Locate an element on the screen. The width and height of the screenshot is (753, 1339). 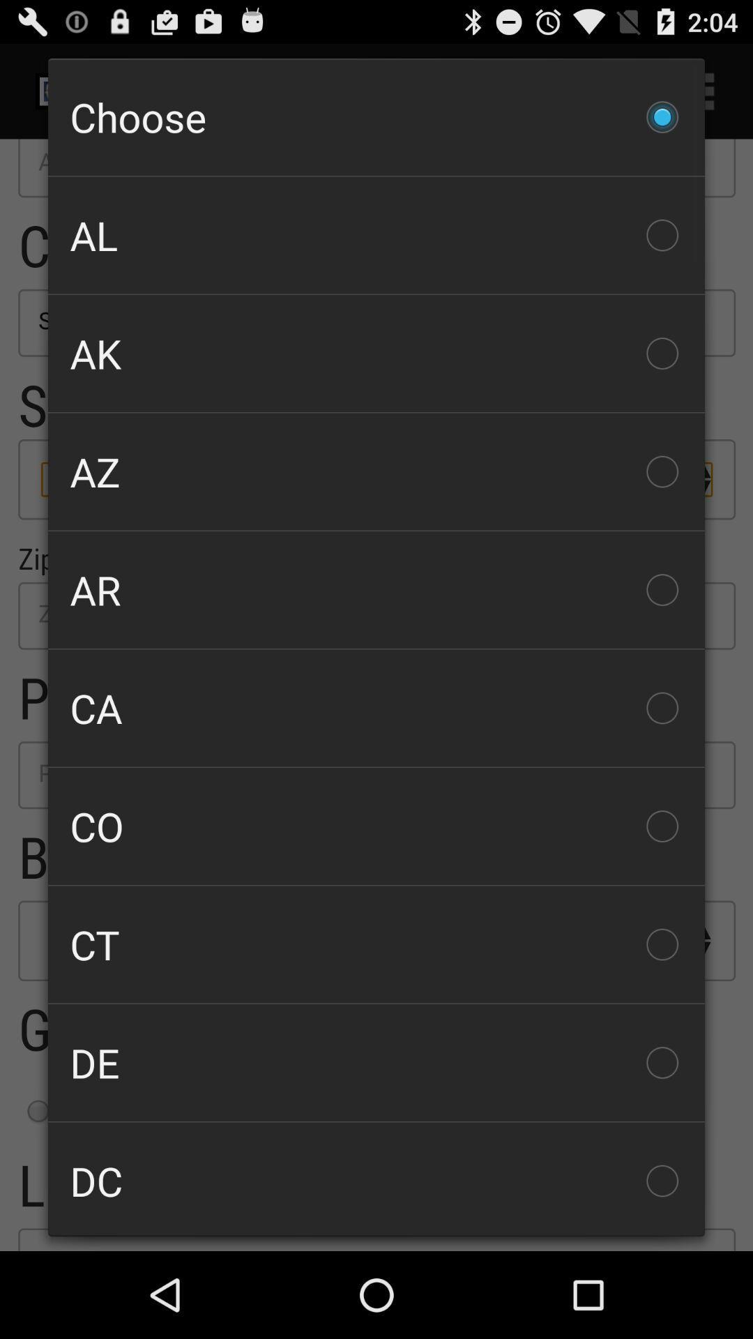
checkbox above de item is located at coordinates (376, 944).